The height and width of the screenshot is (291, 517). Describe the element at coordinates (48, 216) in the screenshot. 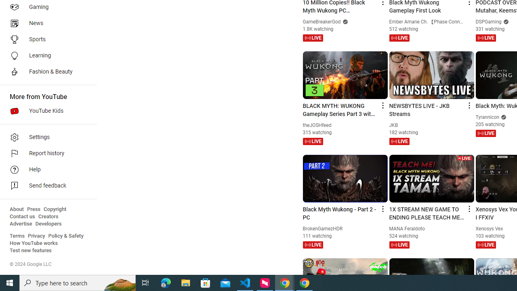

I see `'Creators'` at that location.